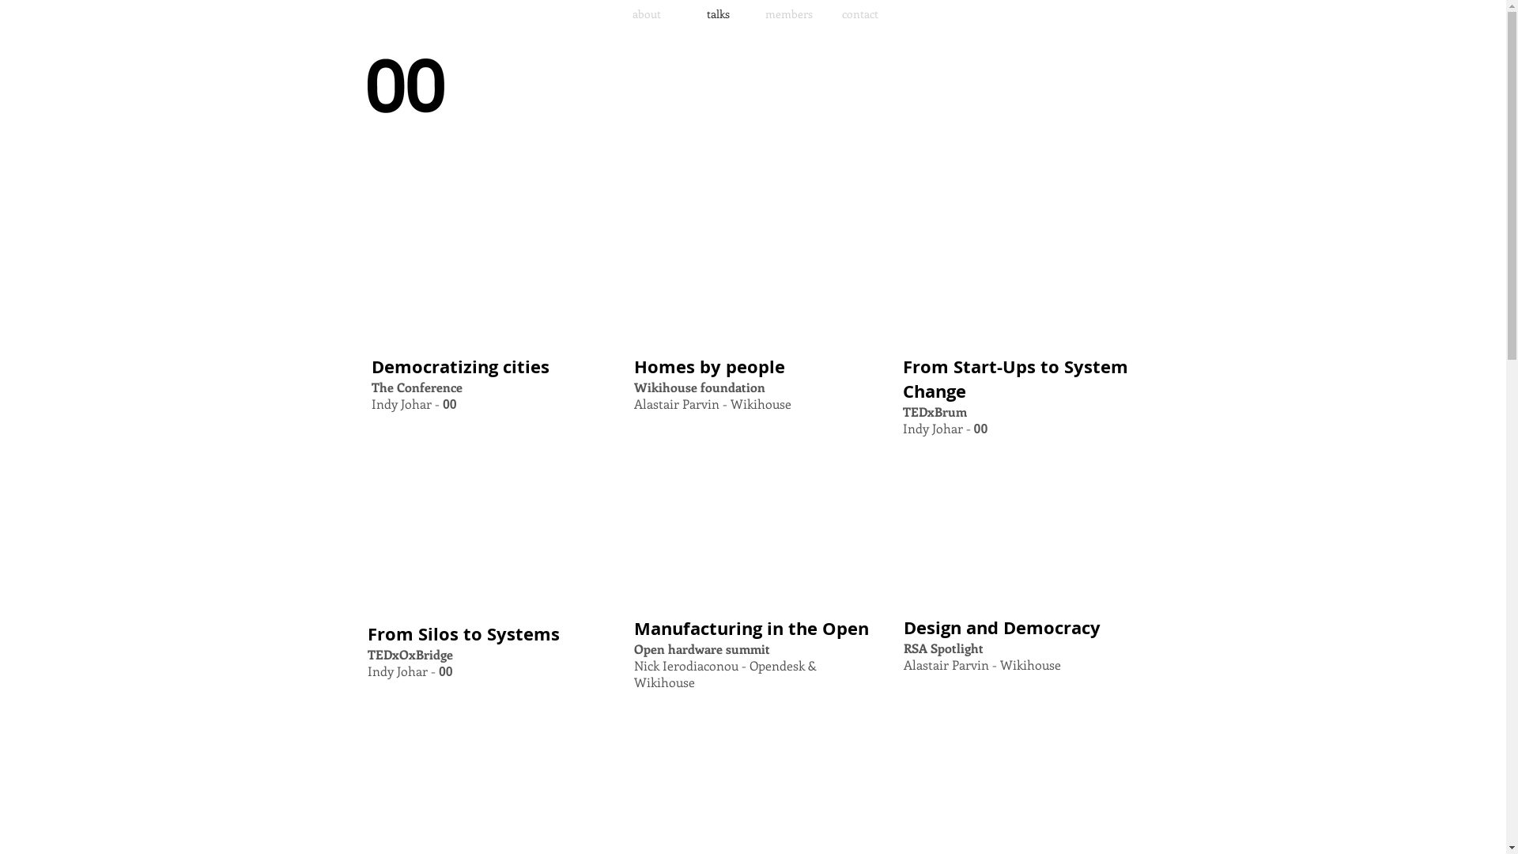 The width and height of the screenshot is (1518, 854). Describe the element at coordinates (1021, 263) in the screenshot. I see `'External YouTube'` at that location.